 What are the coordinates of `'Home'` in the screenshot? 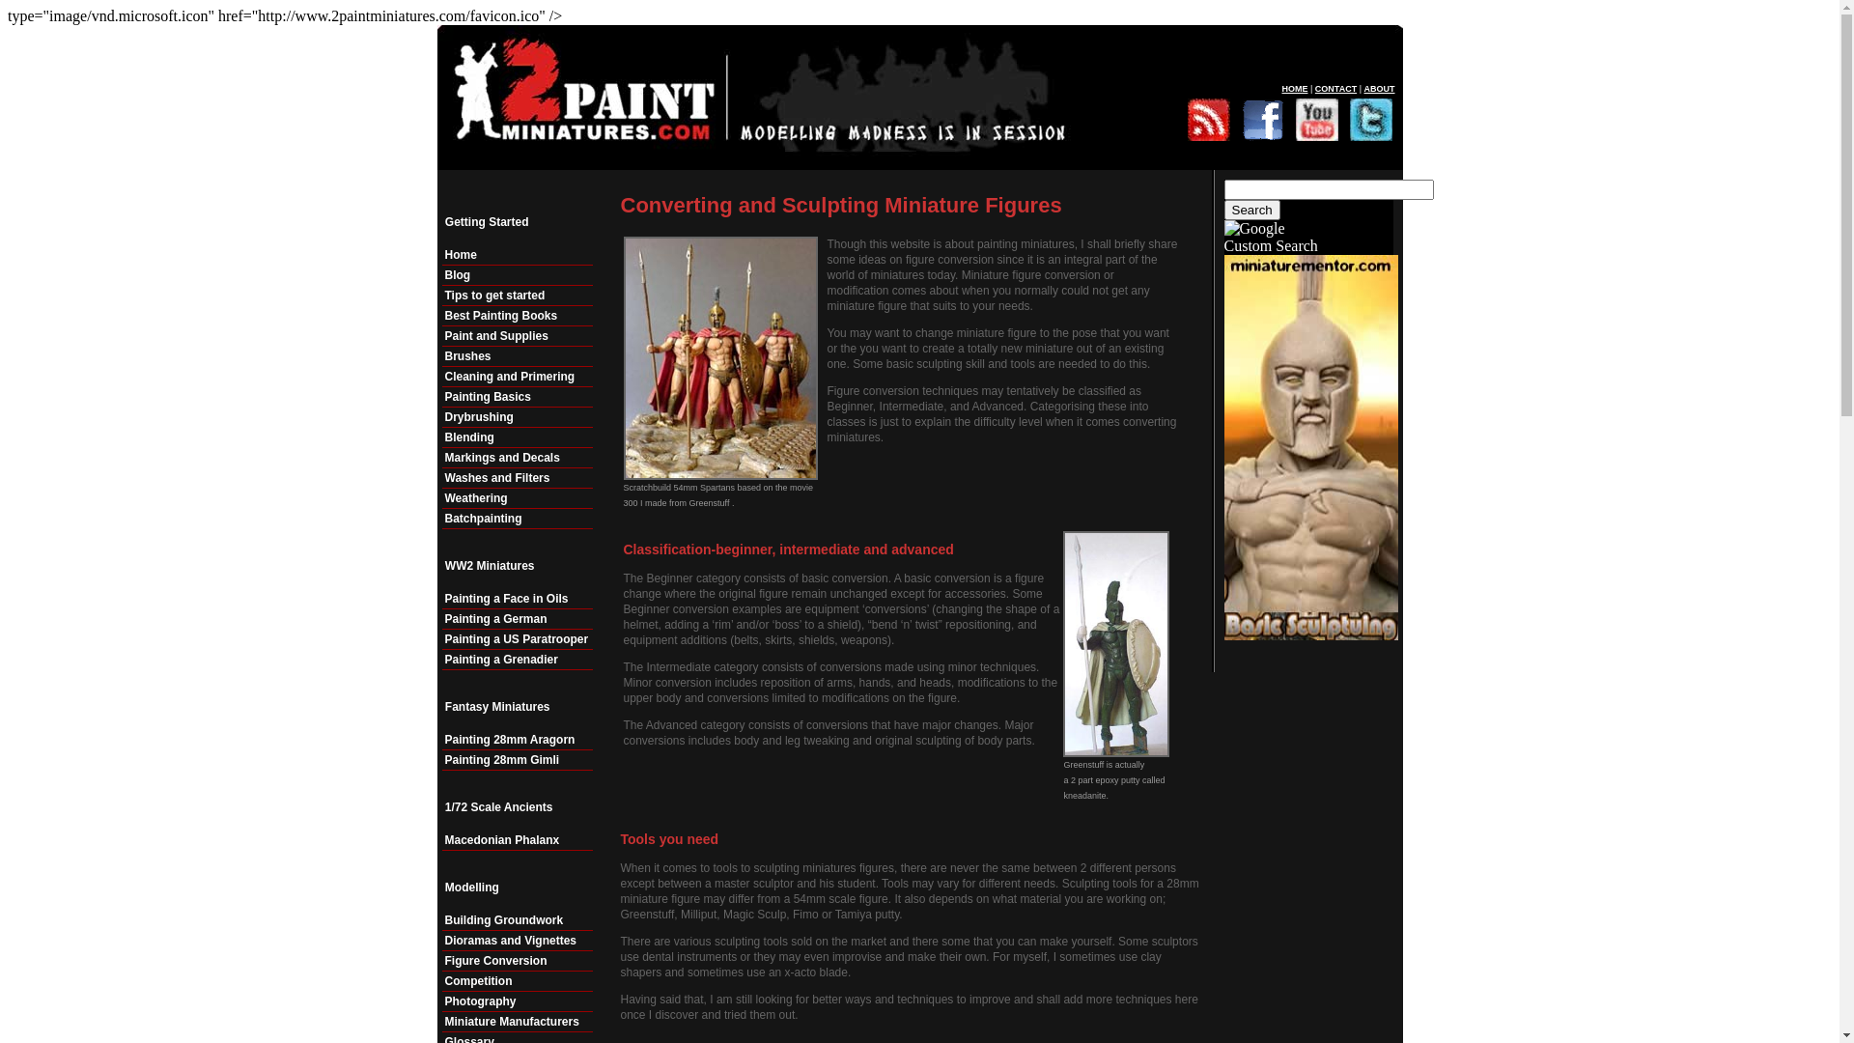 It's located at (518, 254).